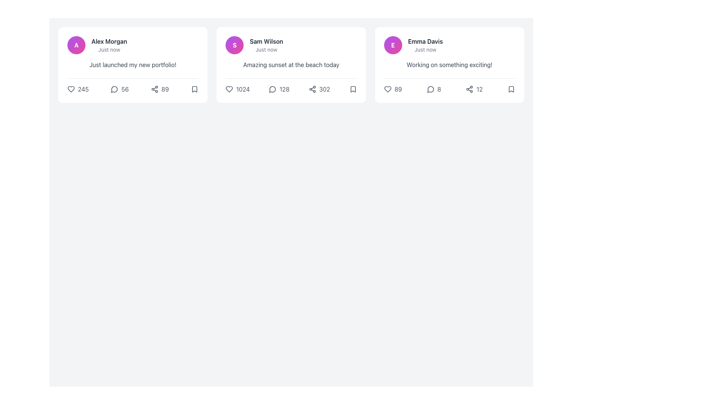 Image resolution: width=723 pixels, height=407 pixels. What do you see at coordinates (291, 45) in the screenshot?
I see `the user's name 'Sam Wilson' or the circular avatar with the letter 'S'` at bounding box center [291, 45].